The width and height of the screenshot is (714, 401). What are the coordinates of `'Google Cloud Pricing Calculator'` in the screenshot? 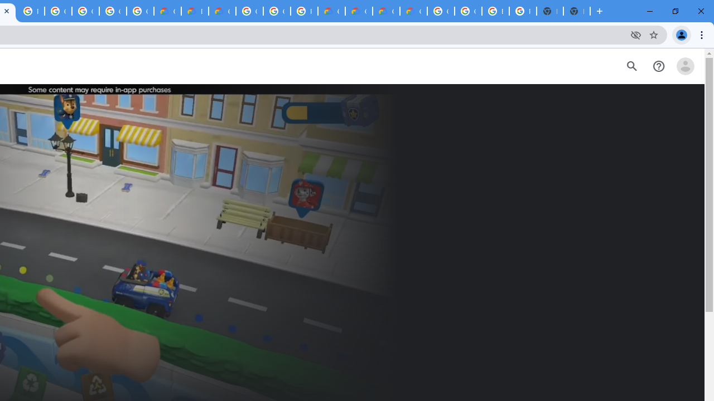 It's located at (386, 11).